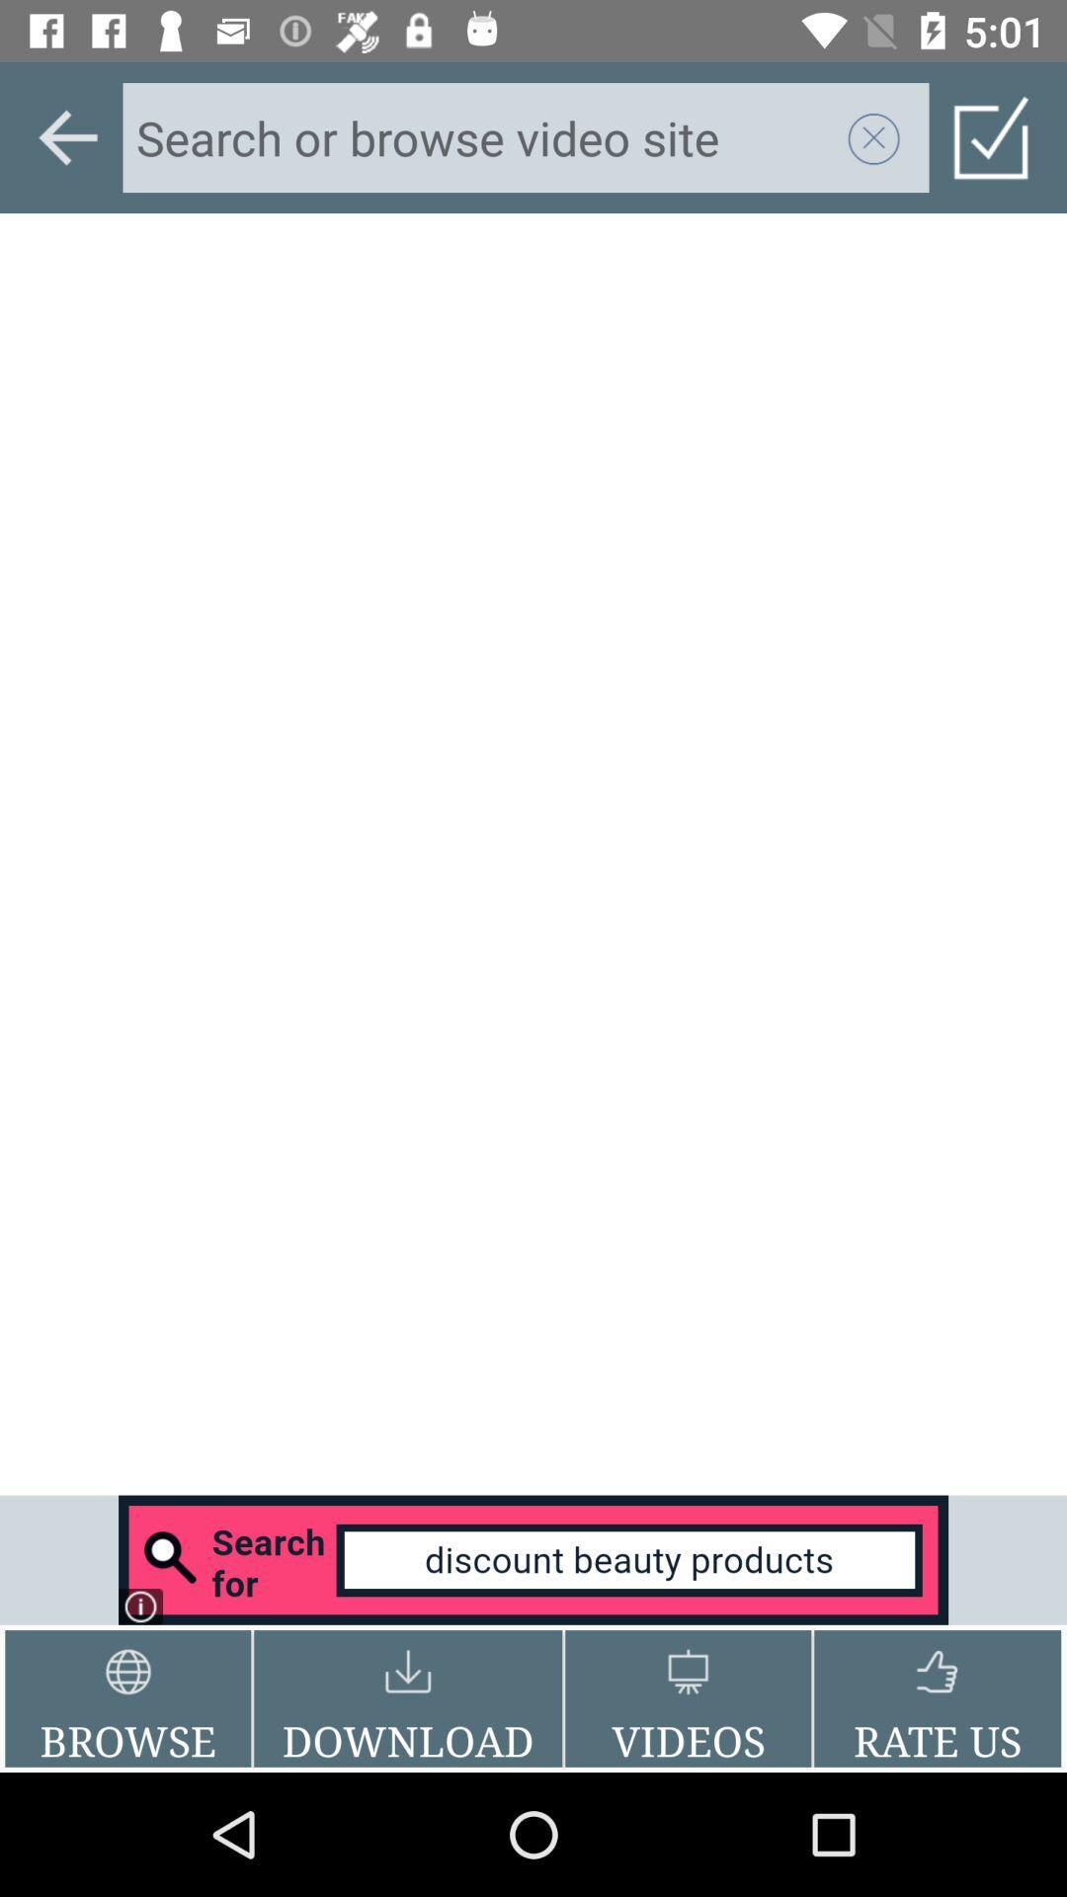  What do you see at coordinates (484, 136) in the screenshot?
I see `search a term` at bounding box center [484, 136].